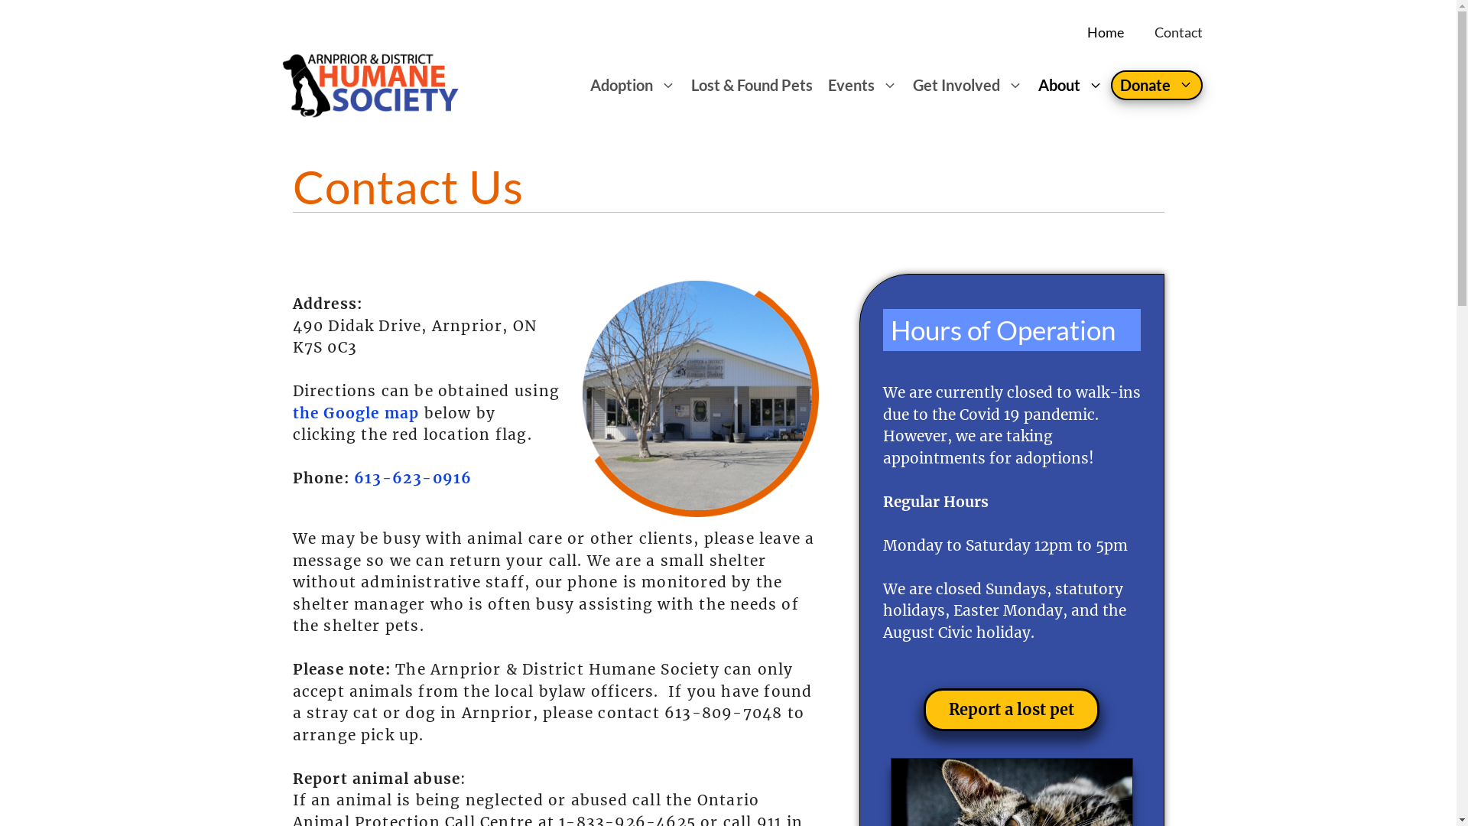 The image size is (1468, 826). Describe the element at coordinates (355, 413) in the screenshot. I see `'the Google map'` at that location.